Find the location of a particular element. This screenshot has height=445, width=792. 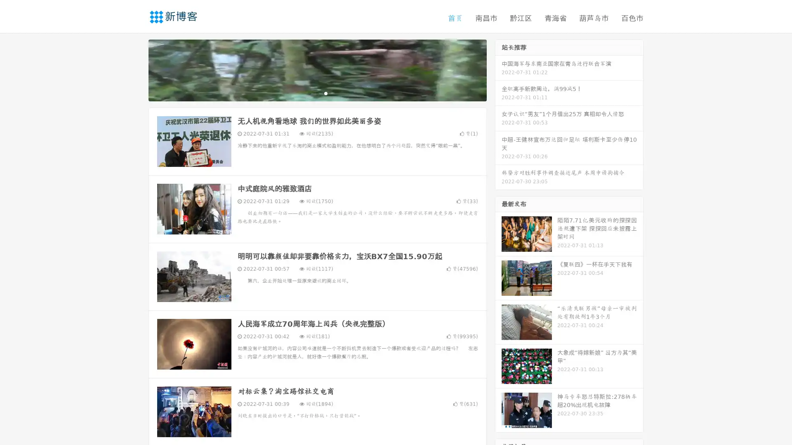

Go to slide 3 is located at coordinates (325, 93).